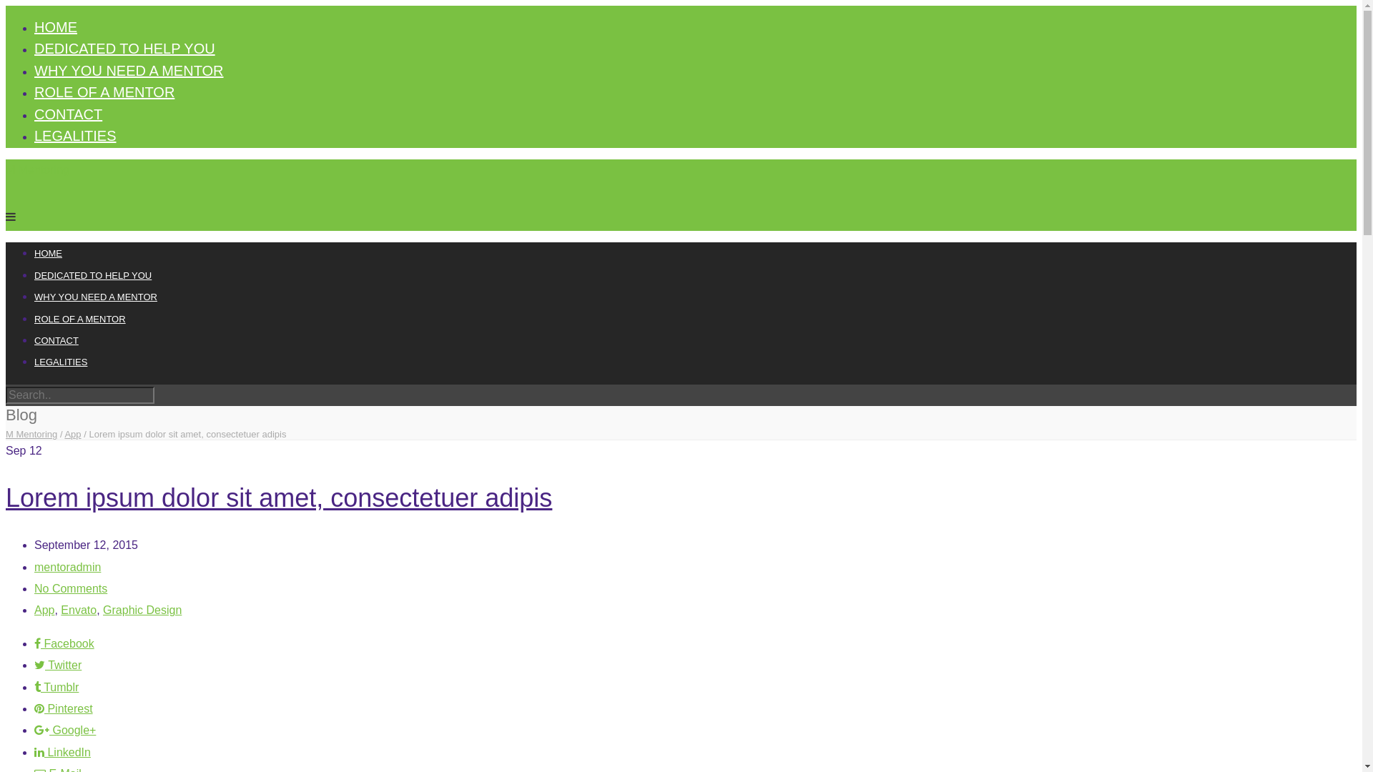 This screenshot has width=1373, height=772. What do you see at coordinates (95, 296) in the screenshot?
I see `'WHY YOU NEED A MENTOR'` at bounding box center [95, 296].